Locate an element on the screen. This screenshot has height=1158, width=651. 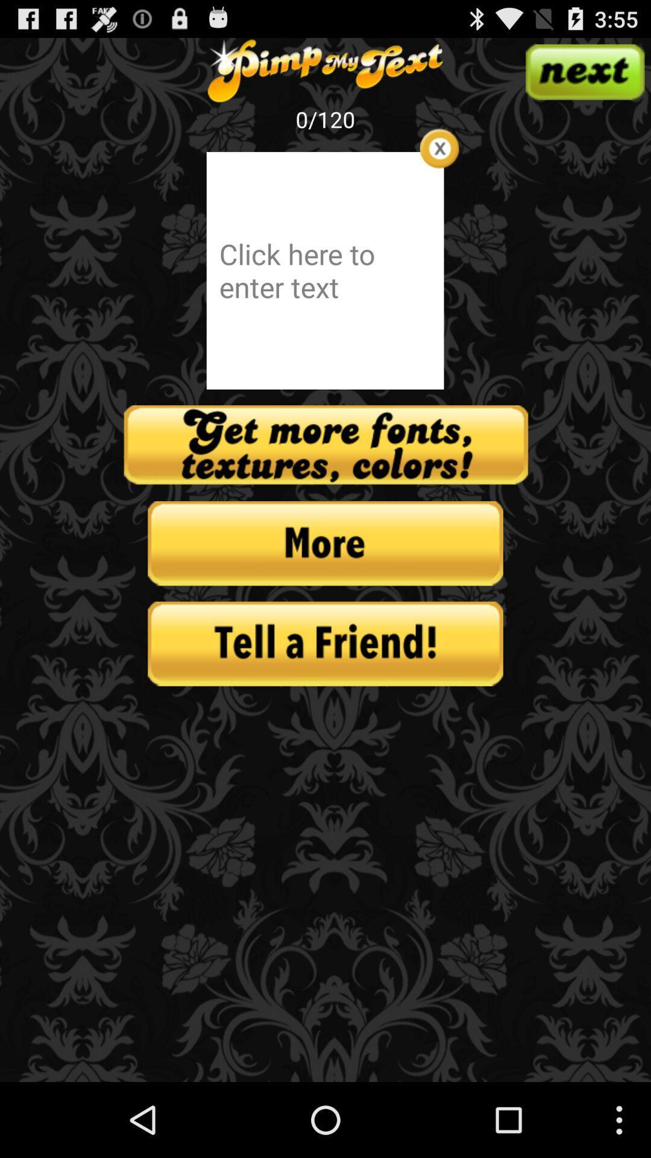
next option is located at coordinates (584, 71).